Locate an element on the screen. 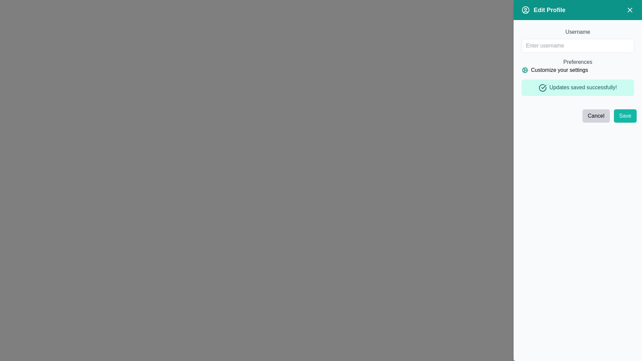 This screenshot has width=642, height=361. the teal-colored gear icon located to the left of the 'Customize your settings' text is located at coordinates (524, 70).